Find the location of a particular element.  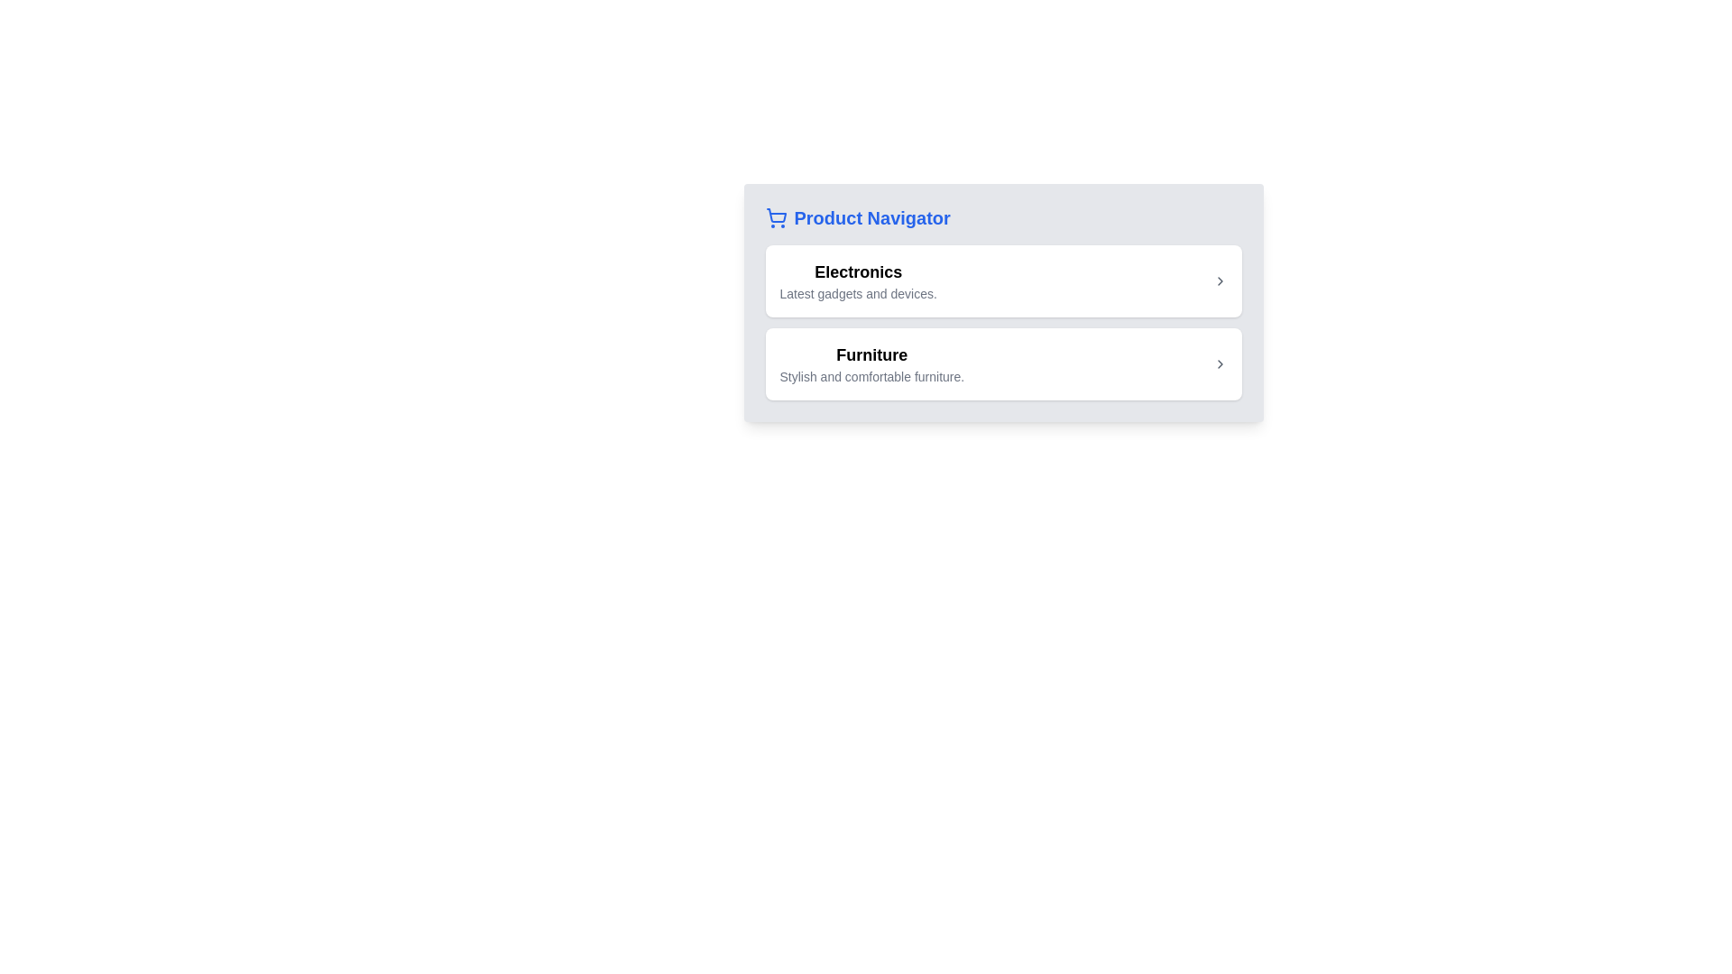

the rightward-pointing gray chevron icon located next is located at coordinates (1220, 281).